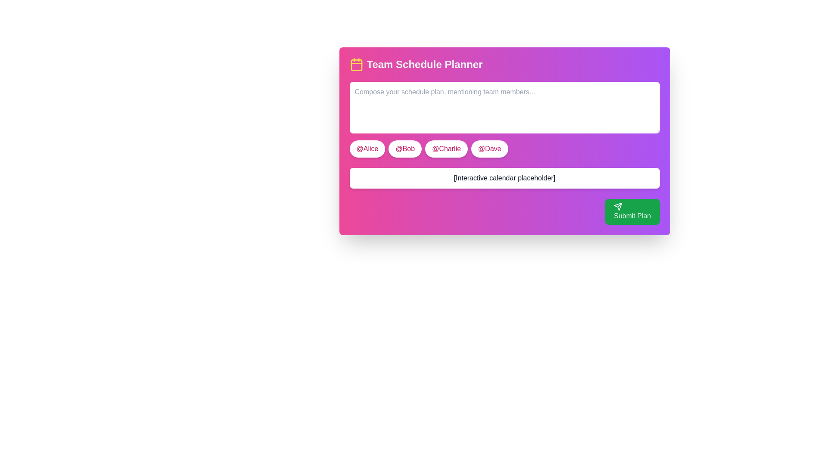  Describe the element at coordinates (632, 212) in the screenshot. I see `the submit button located in the bottom-right corner of the card-like structure with a purple-pink gradient background` at that location.